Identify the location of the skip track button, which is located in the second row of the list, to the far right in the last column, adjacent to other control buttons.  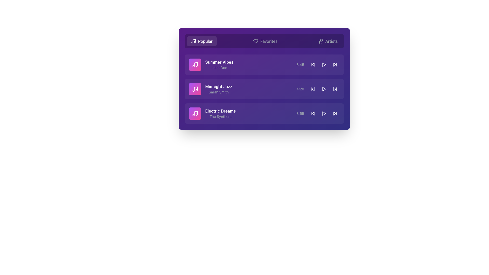
(335, 89).